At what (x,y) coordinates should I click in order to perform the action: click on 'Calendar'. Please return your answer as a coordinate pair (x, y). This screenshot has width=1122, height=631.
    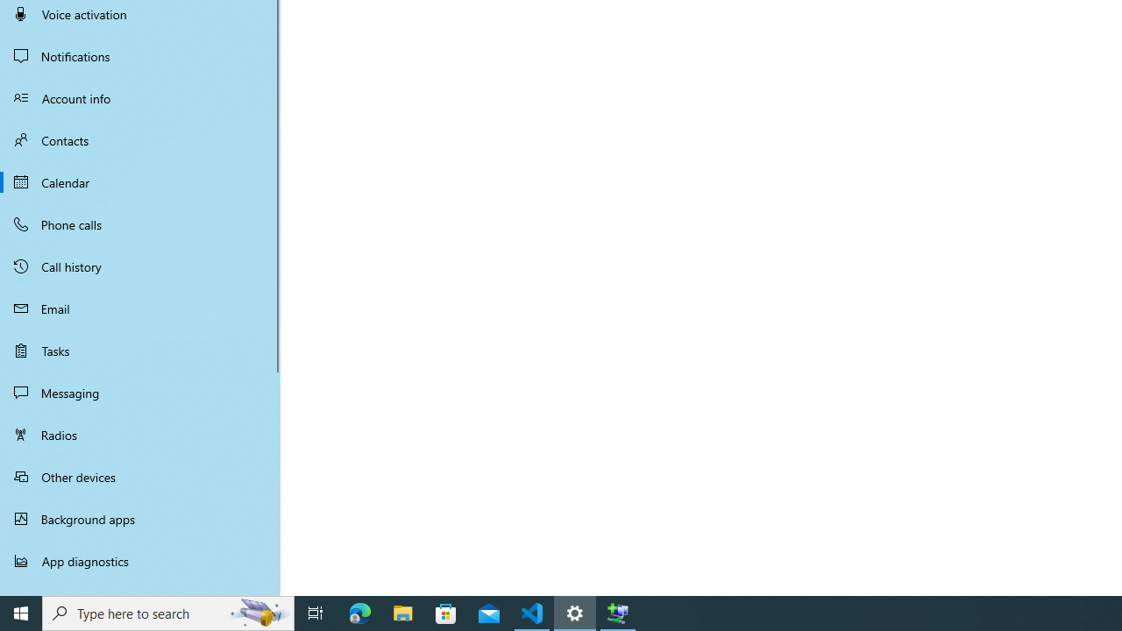
    Looking at the image, I should click on (140, 182).